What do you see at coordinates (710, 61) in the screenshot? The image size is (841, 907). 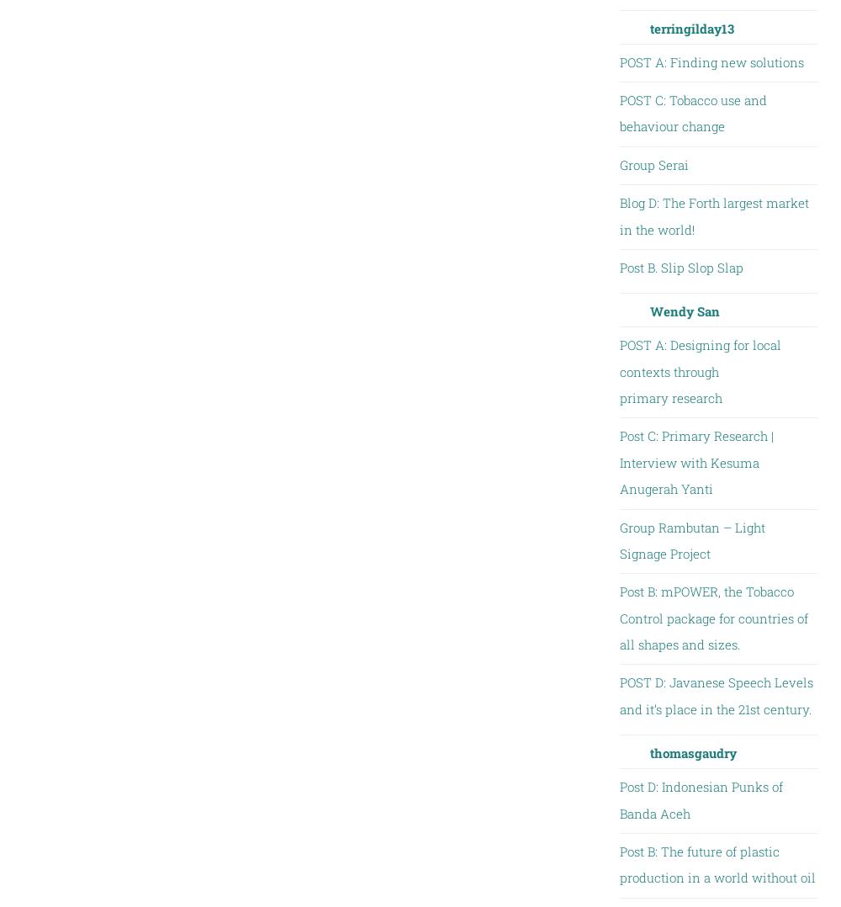 I see `'POST A: Finding new solutions'` at bounding box center [710, 61].